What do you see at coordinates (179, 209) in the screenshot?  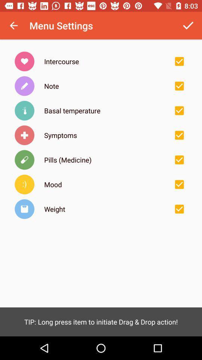 I see `item selection box` at bounding box center [179, 209].